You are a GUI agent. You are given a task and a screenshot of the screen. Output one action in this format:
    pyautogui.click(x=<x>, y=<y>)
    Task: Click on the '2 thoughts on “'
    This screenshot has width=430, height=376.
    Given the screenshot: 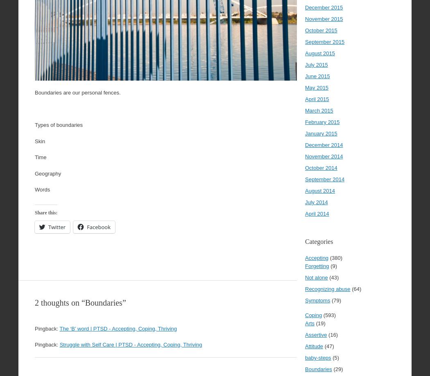 What is the action you would take?
    pyautogui.click(x=59, y=302)
    